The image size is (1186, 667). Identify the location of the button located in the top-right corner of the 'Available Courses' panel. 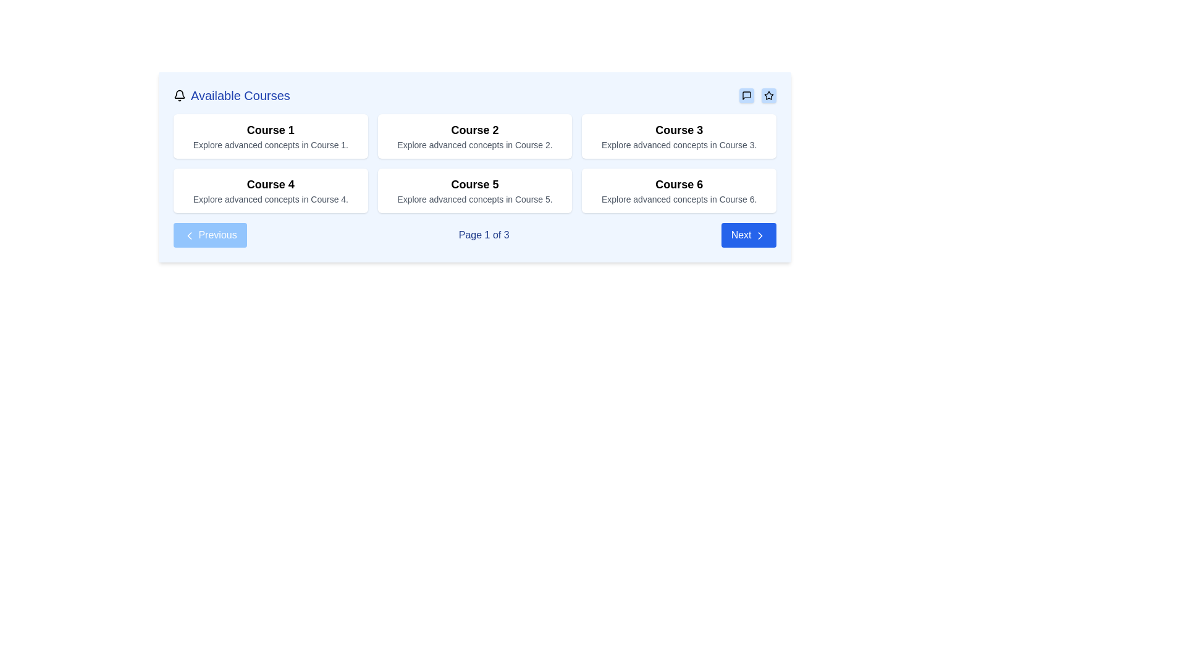
(746, 94).